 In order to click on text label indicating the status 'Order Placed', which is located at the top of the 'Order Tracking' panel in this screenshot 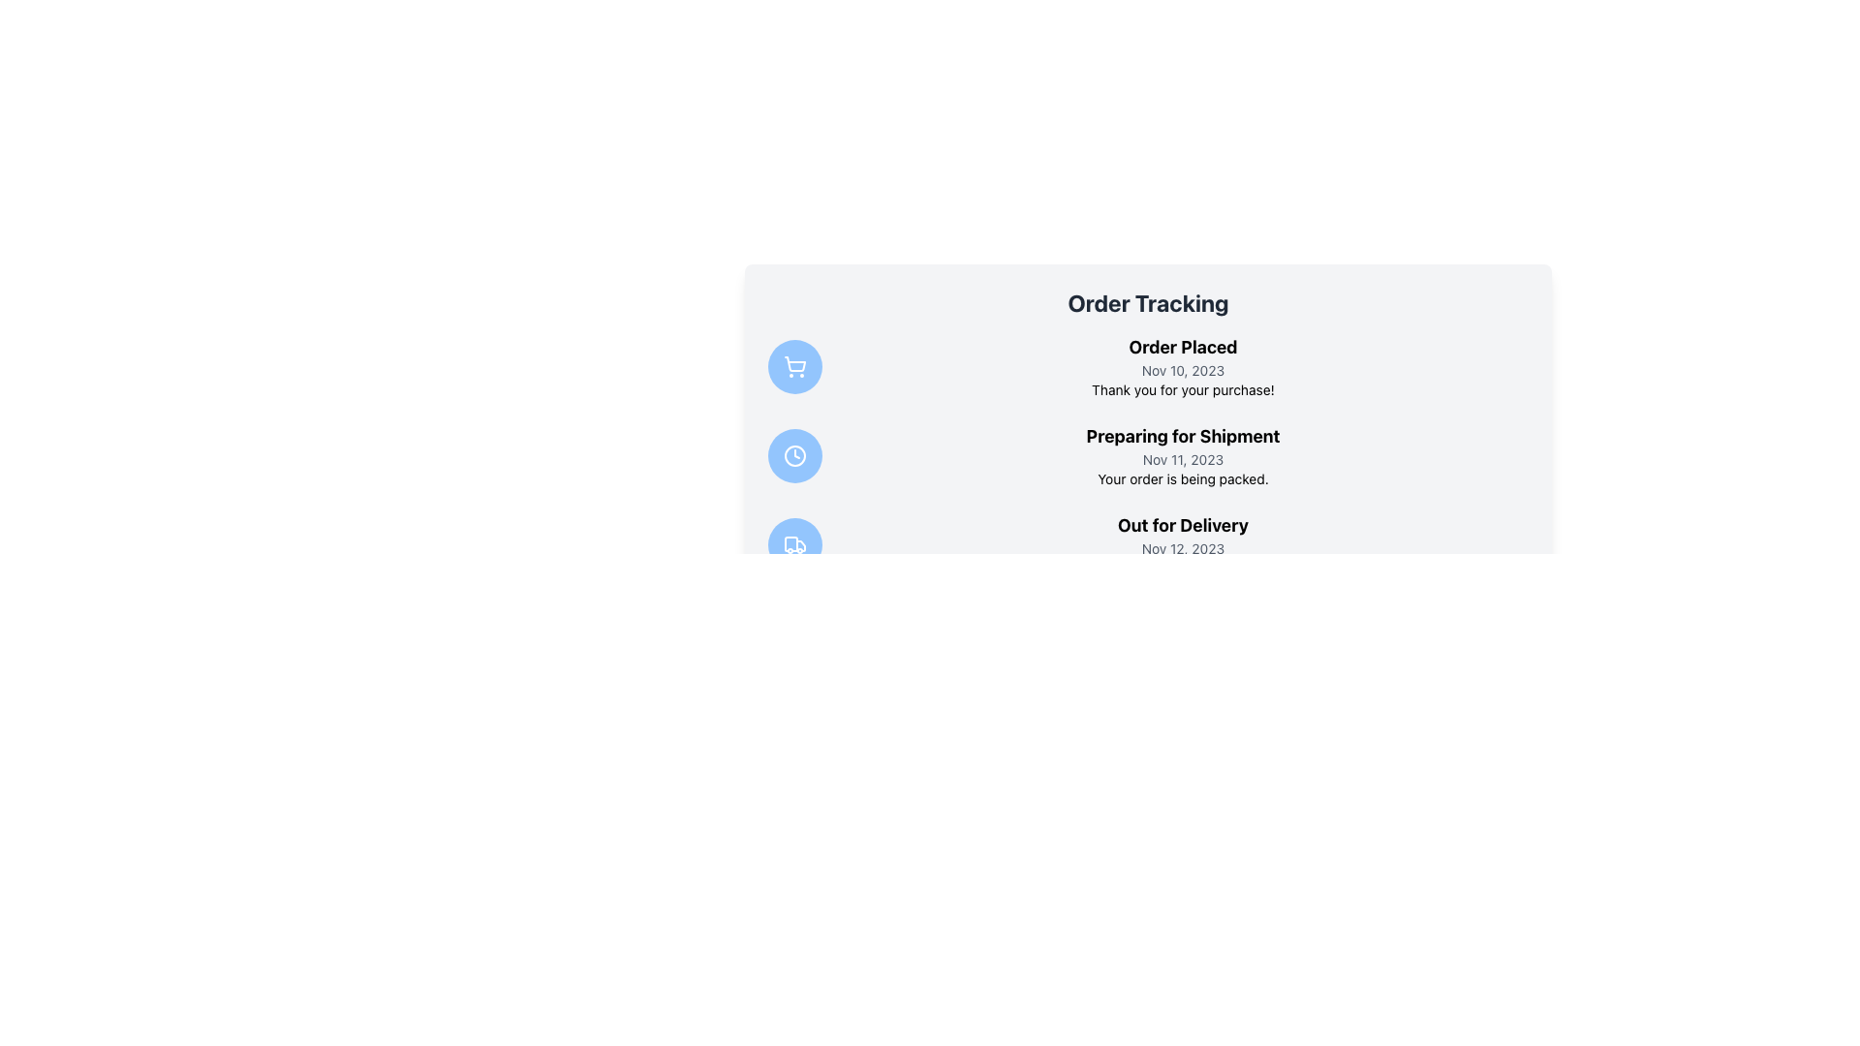, I will do `click(1182, 346)`.